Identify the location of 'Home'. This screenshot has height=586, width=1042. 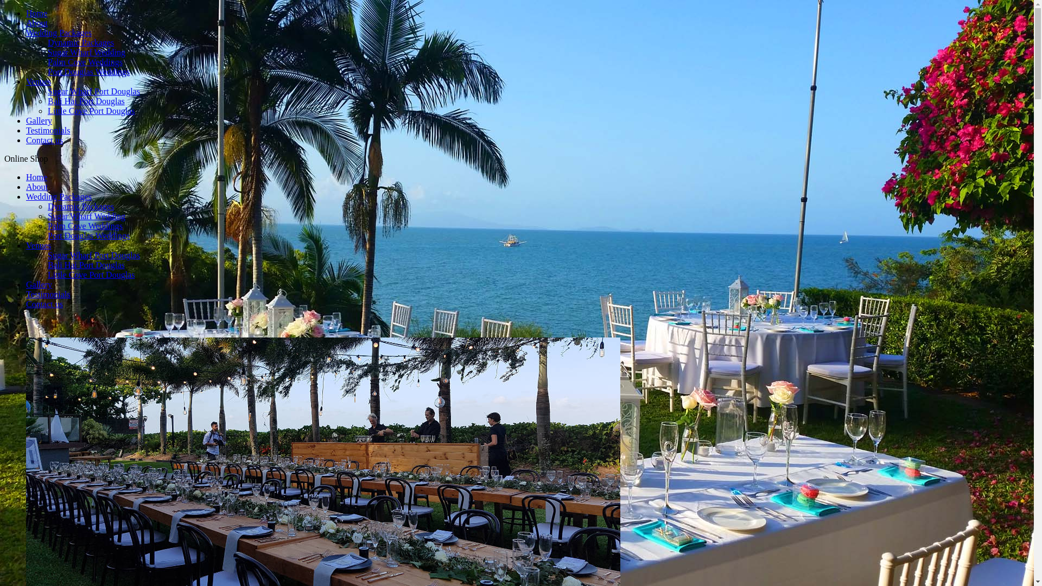
(26, 13).